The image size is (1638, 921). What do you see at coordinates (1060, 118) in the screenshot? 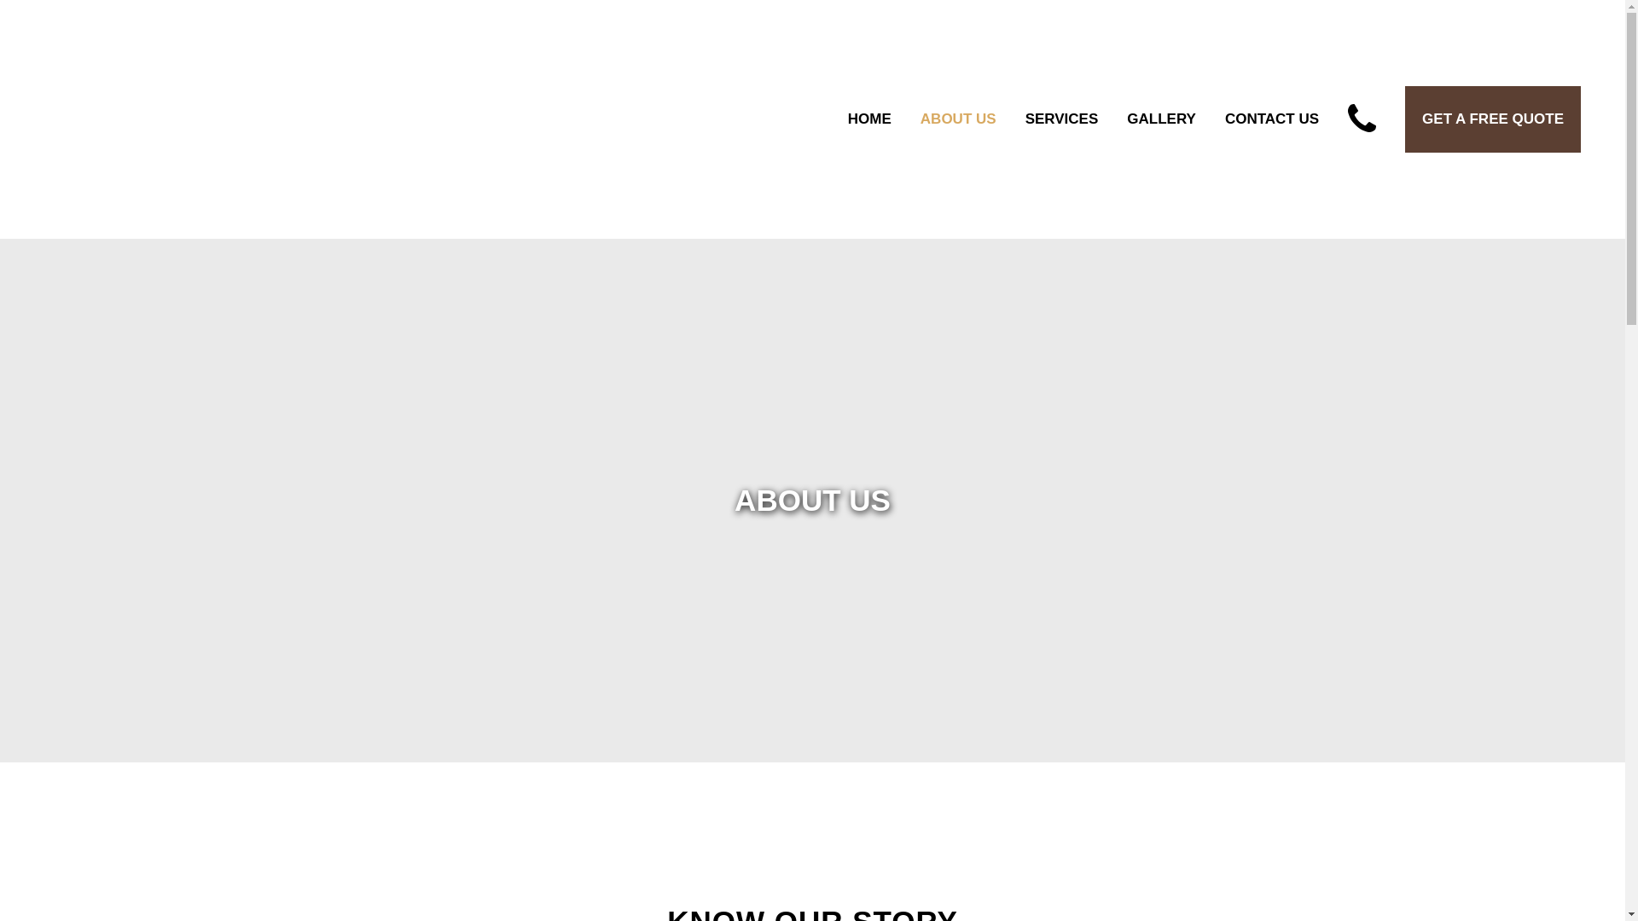
I see `'SERVICES'` at bounding box center [1060, 118].